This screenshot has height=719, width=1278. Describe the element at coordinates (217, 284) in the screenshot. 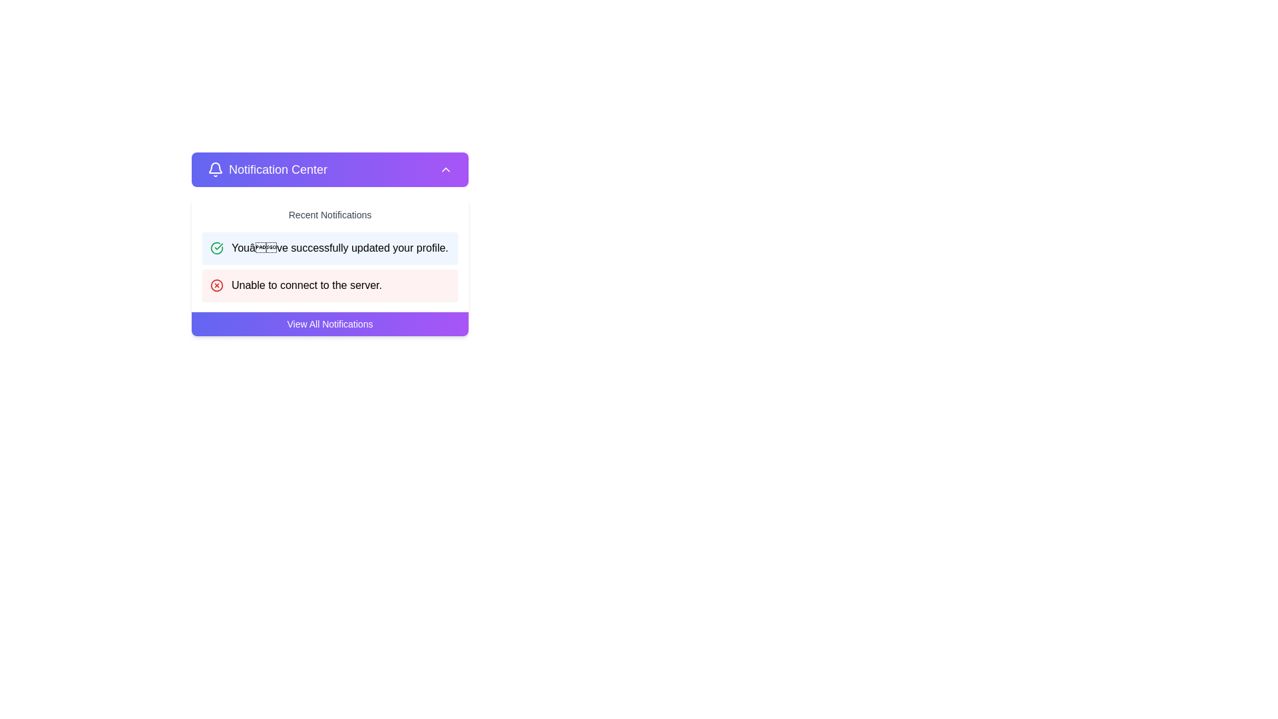

I see `the red outlined circular icon in the notification panel to acknowledge the error message about connection to the server` at that location.